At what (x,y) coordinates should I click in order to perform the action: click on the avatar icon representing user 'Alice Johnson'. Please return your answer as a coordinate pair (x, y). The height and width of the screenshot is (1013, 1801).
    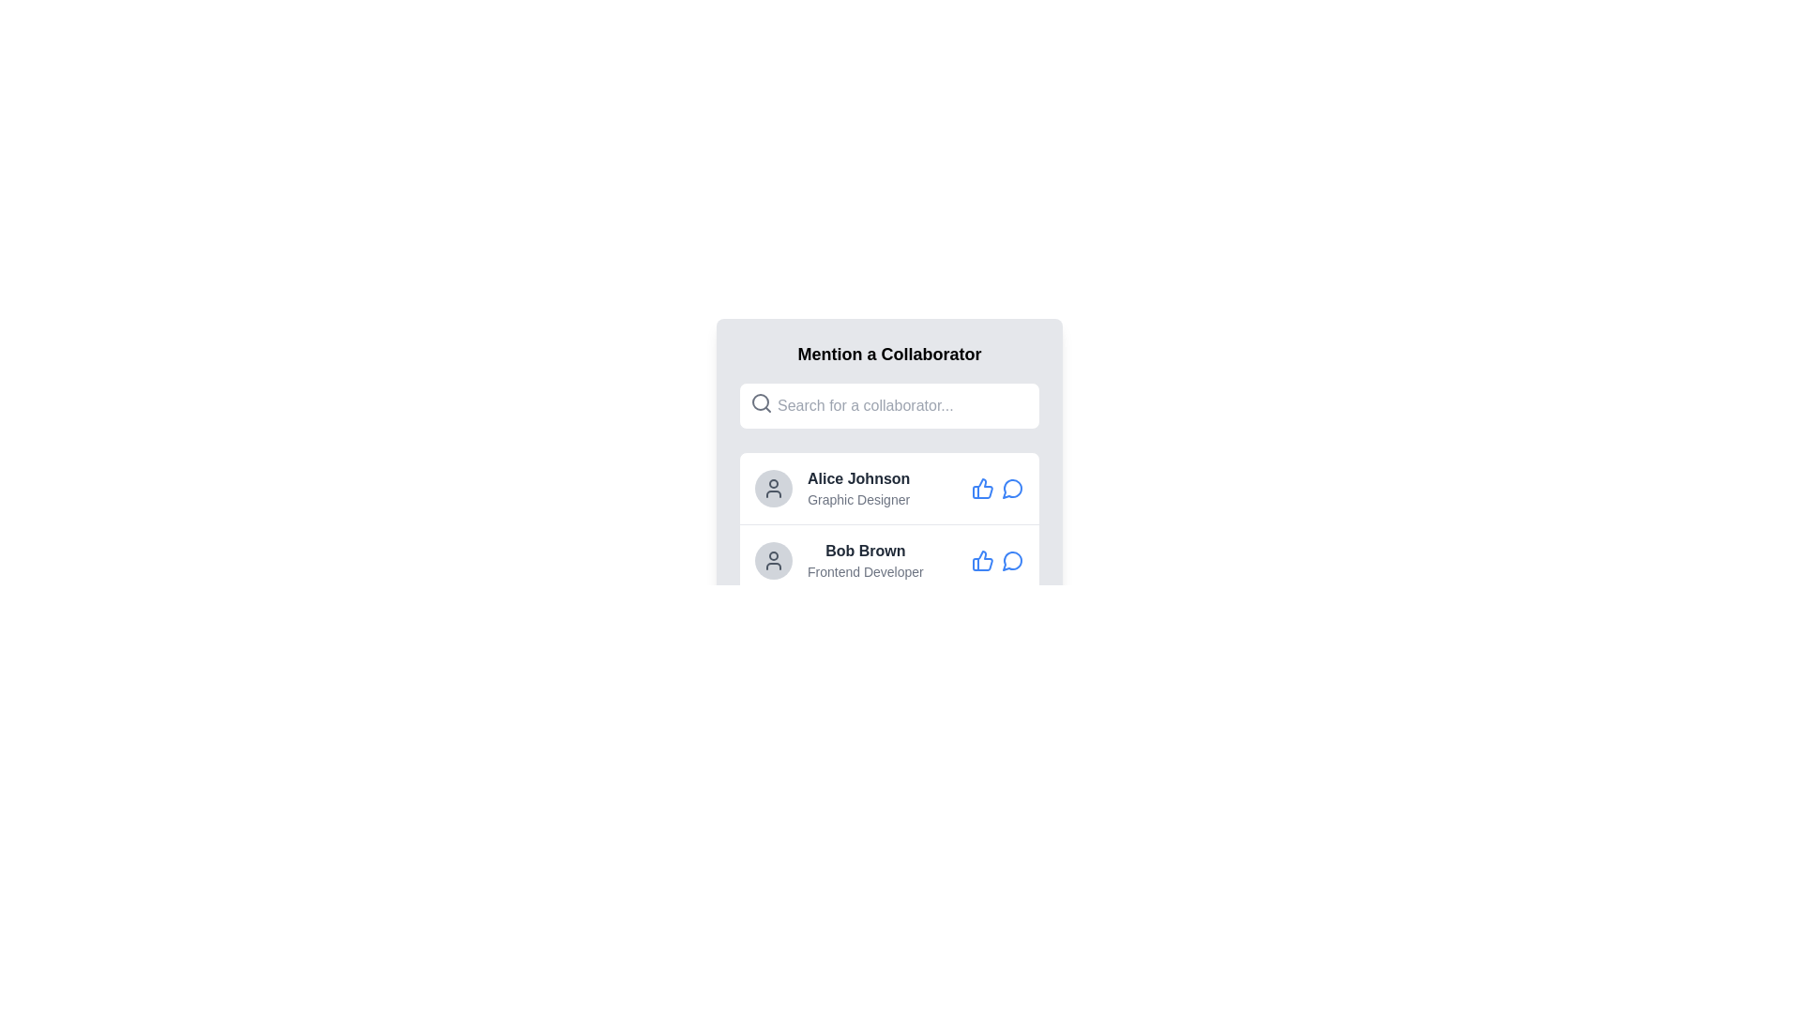
    Looking at the image, I should click on (774, 487).